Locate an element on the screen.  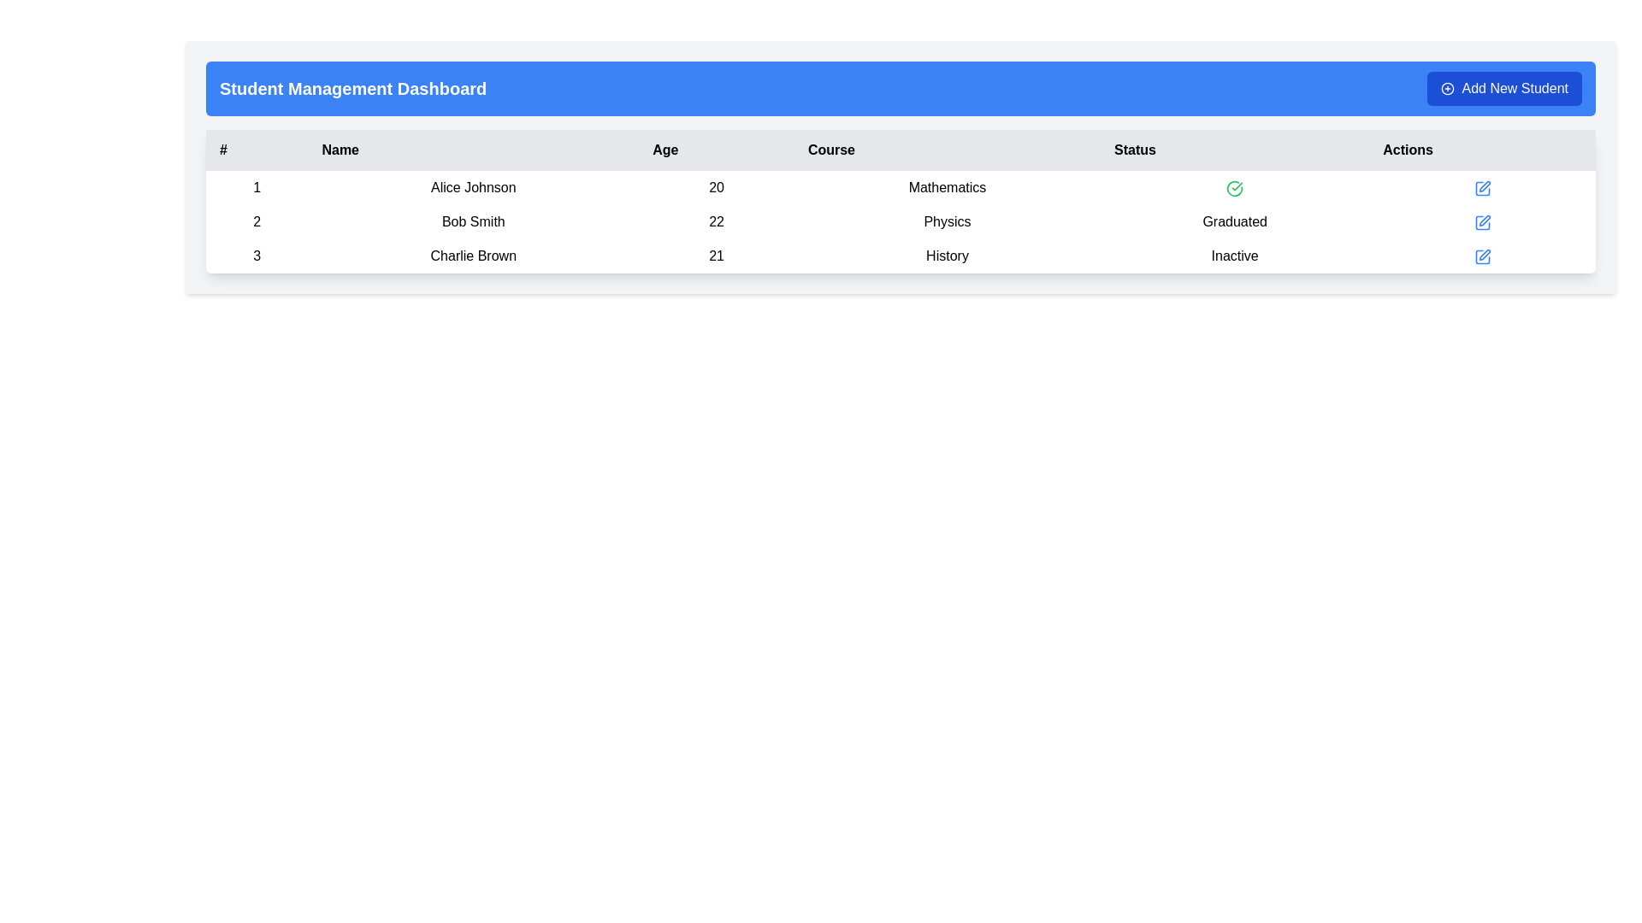
the first table row containing the details for 'Alice Johnson', which includes her age, course, and a green checkmark status indicator, to focus on it is located at coordinates (900, 187).